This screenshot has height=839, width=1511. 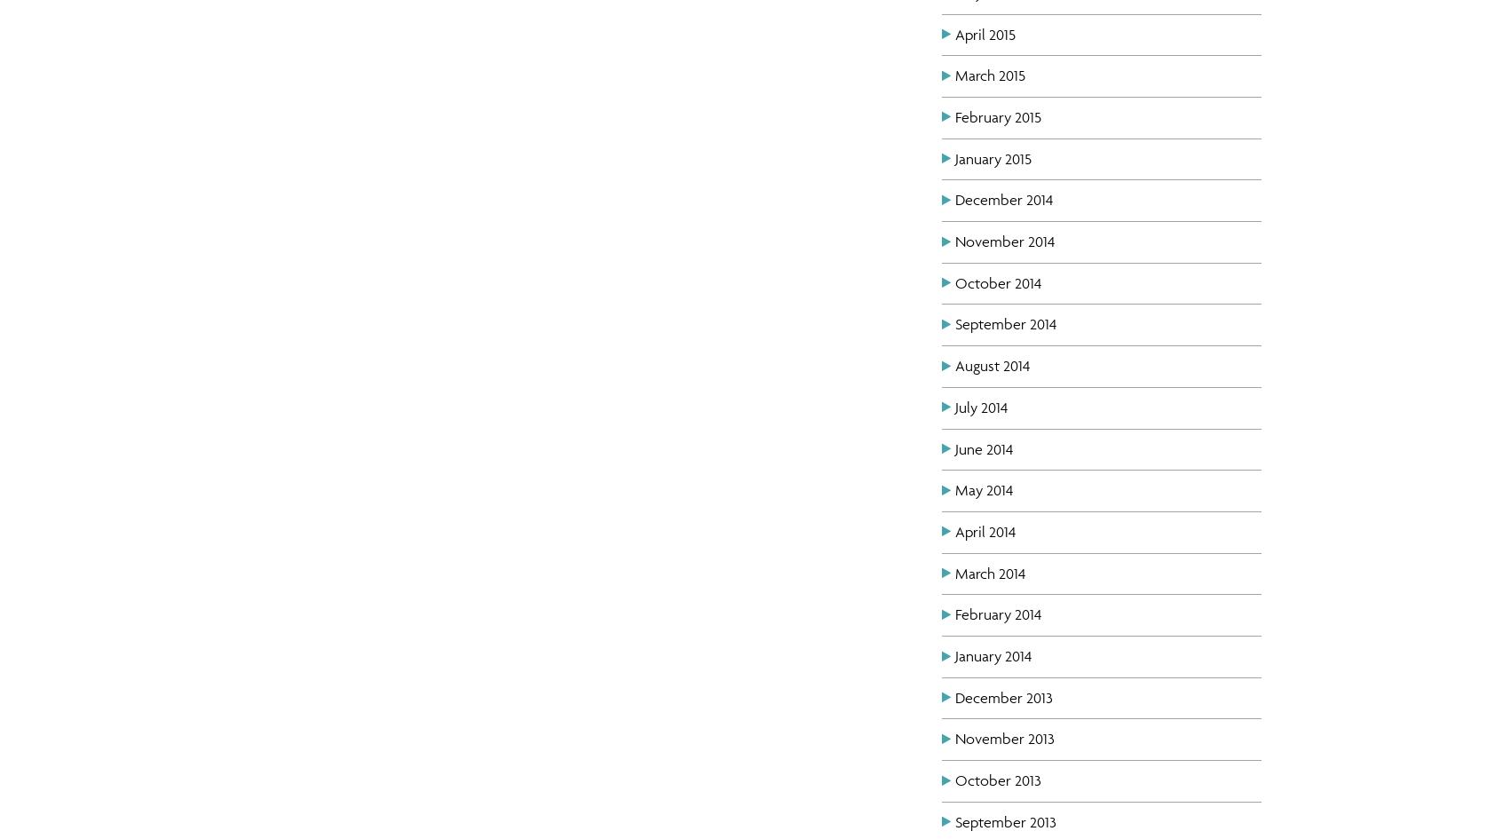 What do you see at coordinates (993, 655) in the screenshot?
I see `'January 2014'` at bounding box center [993, 655].